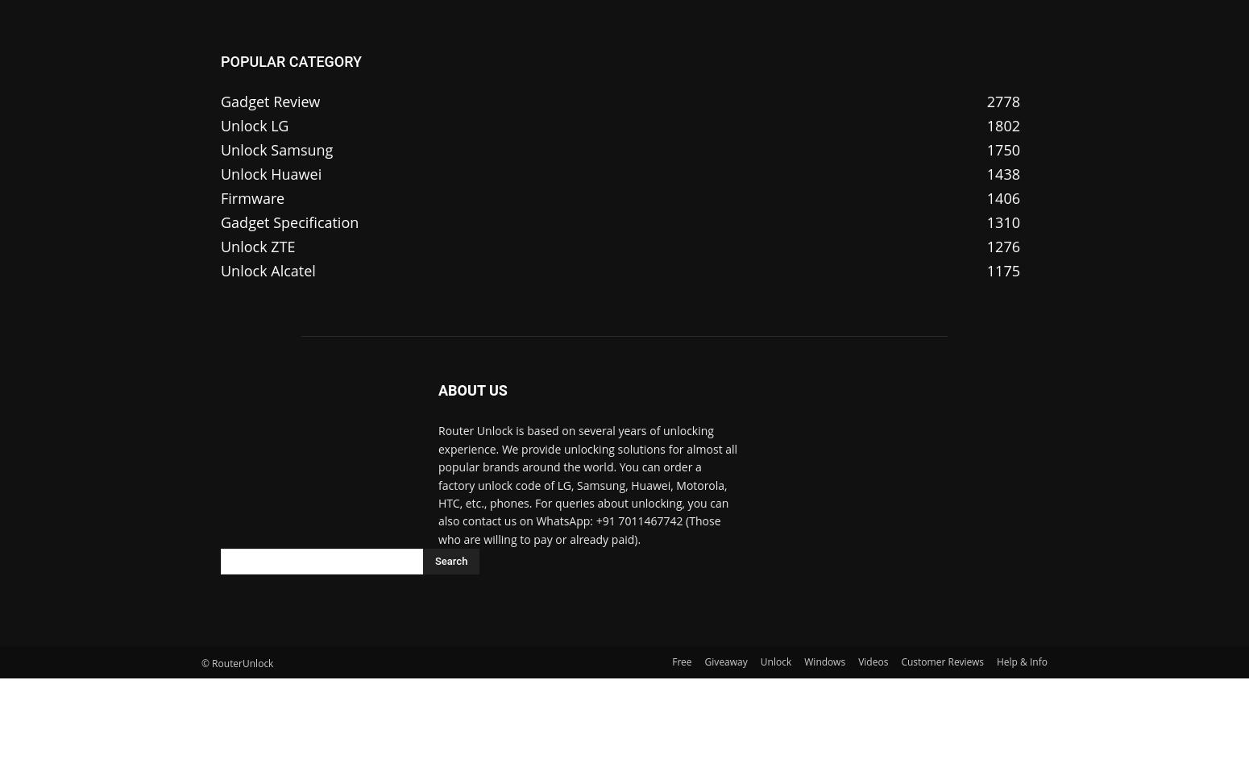 The height and width of the screenshot is (759, 1249). What do you see at coordinates (451, 561) in the screenshot?
I see `'Search'` at bounding box center [451, 561].